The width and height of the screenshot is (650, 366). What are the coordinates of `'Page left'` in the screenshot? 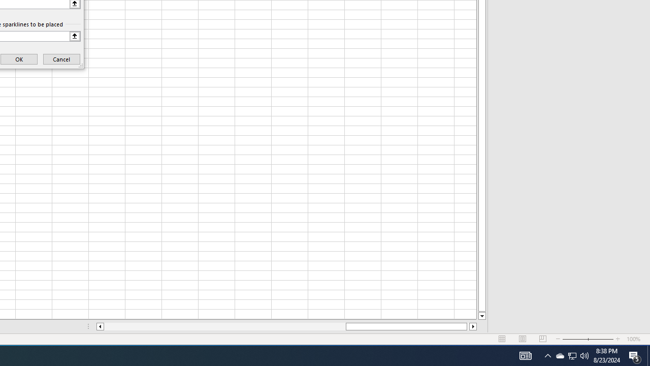 It's located at (224, 326).